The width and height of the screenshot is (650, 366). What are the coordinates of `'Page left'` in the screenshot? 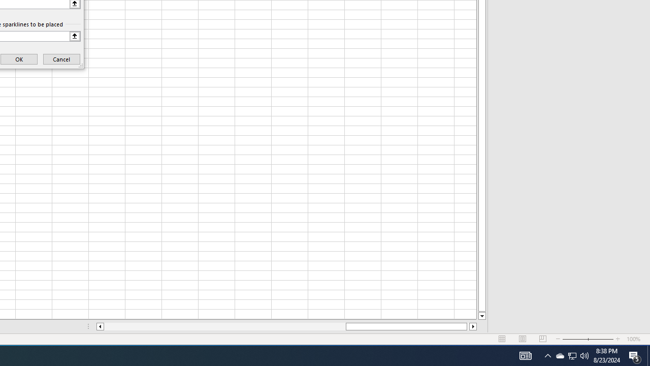 It's located at (224, 326).